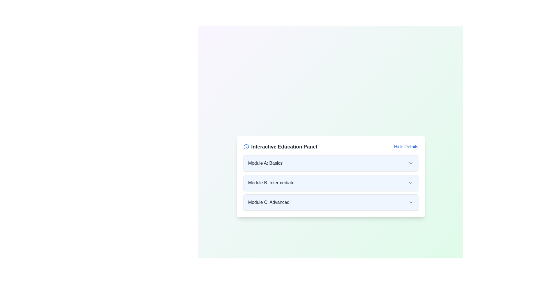  Describe the element at coordinates (331, 177) in the screenshot. I see `the 'Module B: Intermediate' in the Interactive Education Panel` at that location.